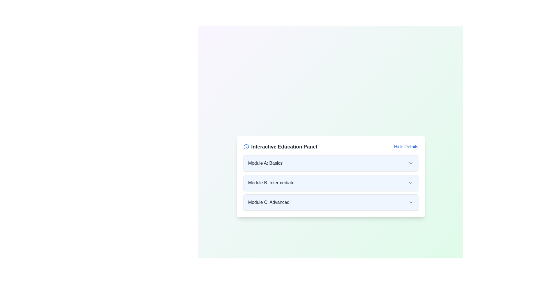  Describe the element at coordinates (331, 177) in the screenshot. I see `the 'Module B: Intermediate' in the Interactive Education Panel` at that location.